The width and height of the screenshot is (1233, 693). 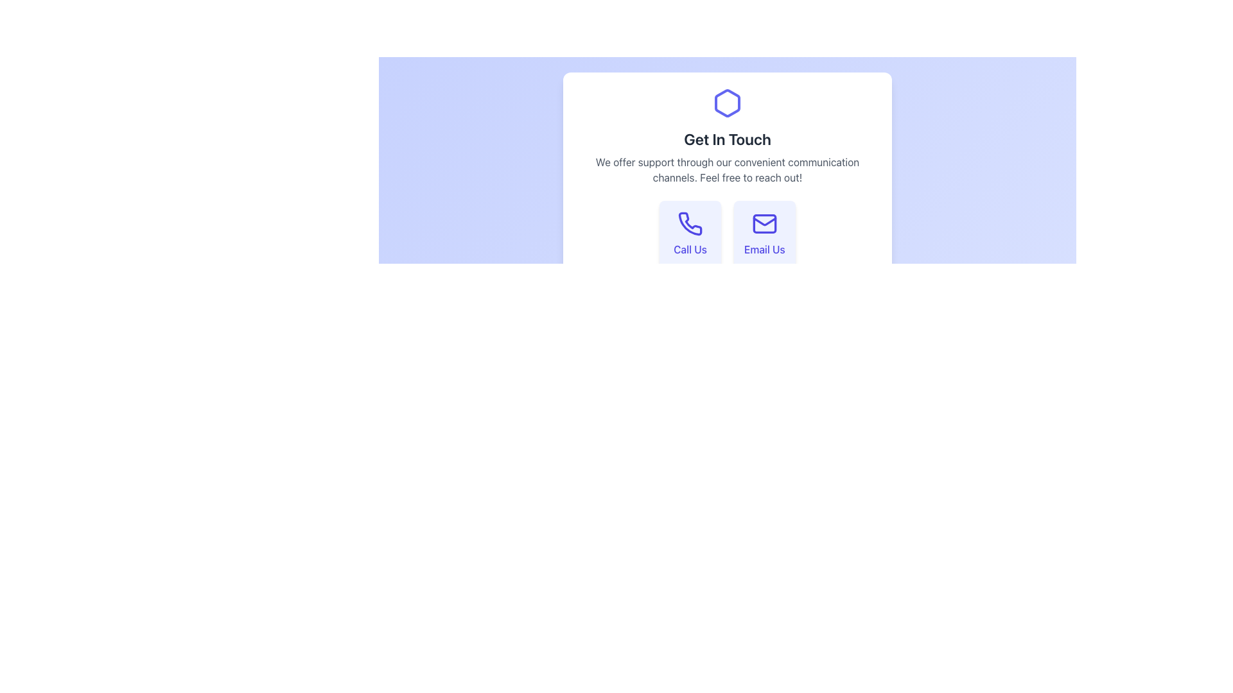 I want to click on the phone call icon located centrally within the contact options section, which is visually represented to initiate a phone call to the organization, so click(x=690, y=223).